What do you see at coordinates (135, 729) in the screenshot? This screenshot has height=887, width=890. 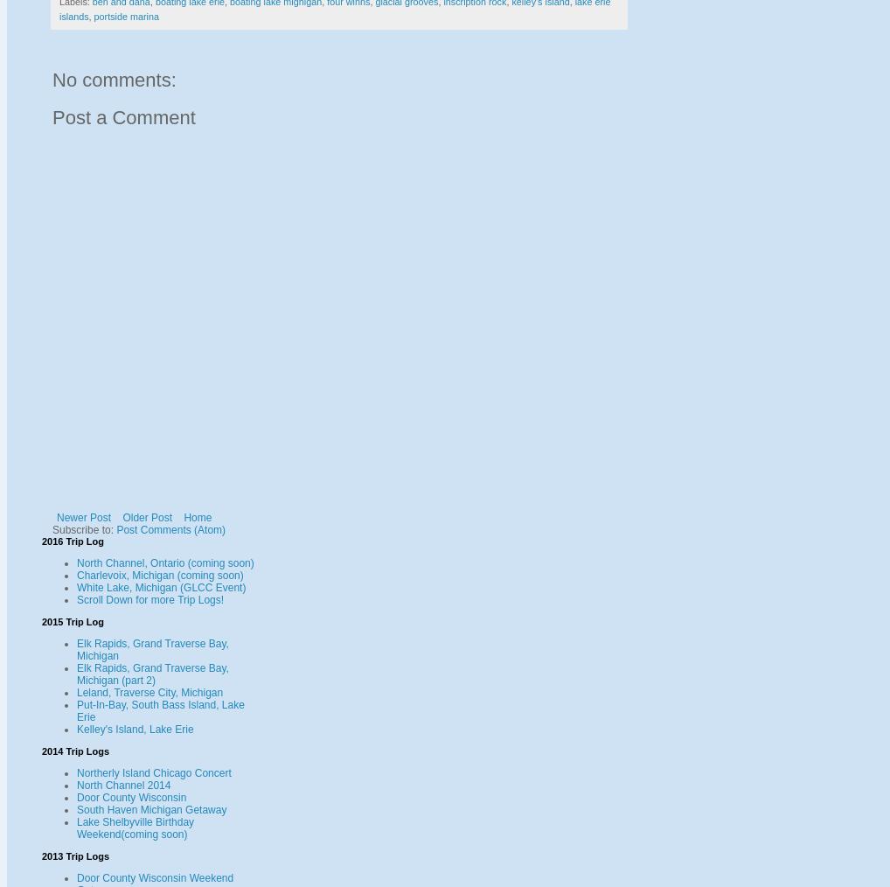 I see `'Kelley's Island, Lake Erie'` at bounding box center [135, 729].